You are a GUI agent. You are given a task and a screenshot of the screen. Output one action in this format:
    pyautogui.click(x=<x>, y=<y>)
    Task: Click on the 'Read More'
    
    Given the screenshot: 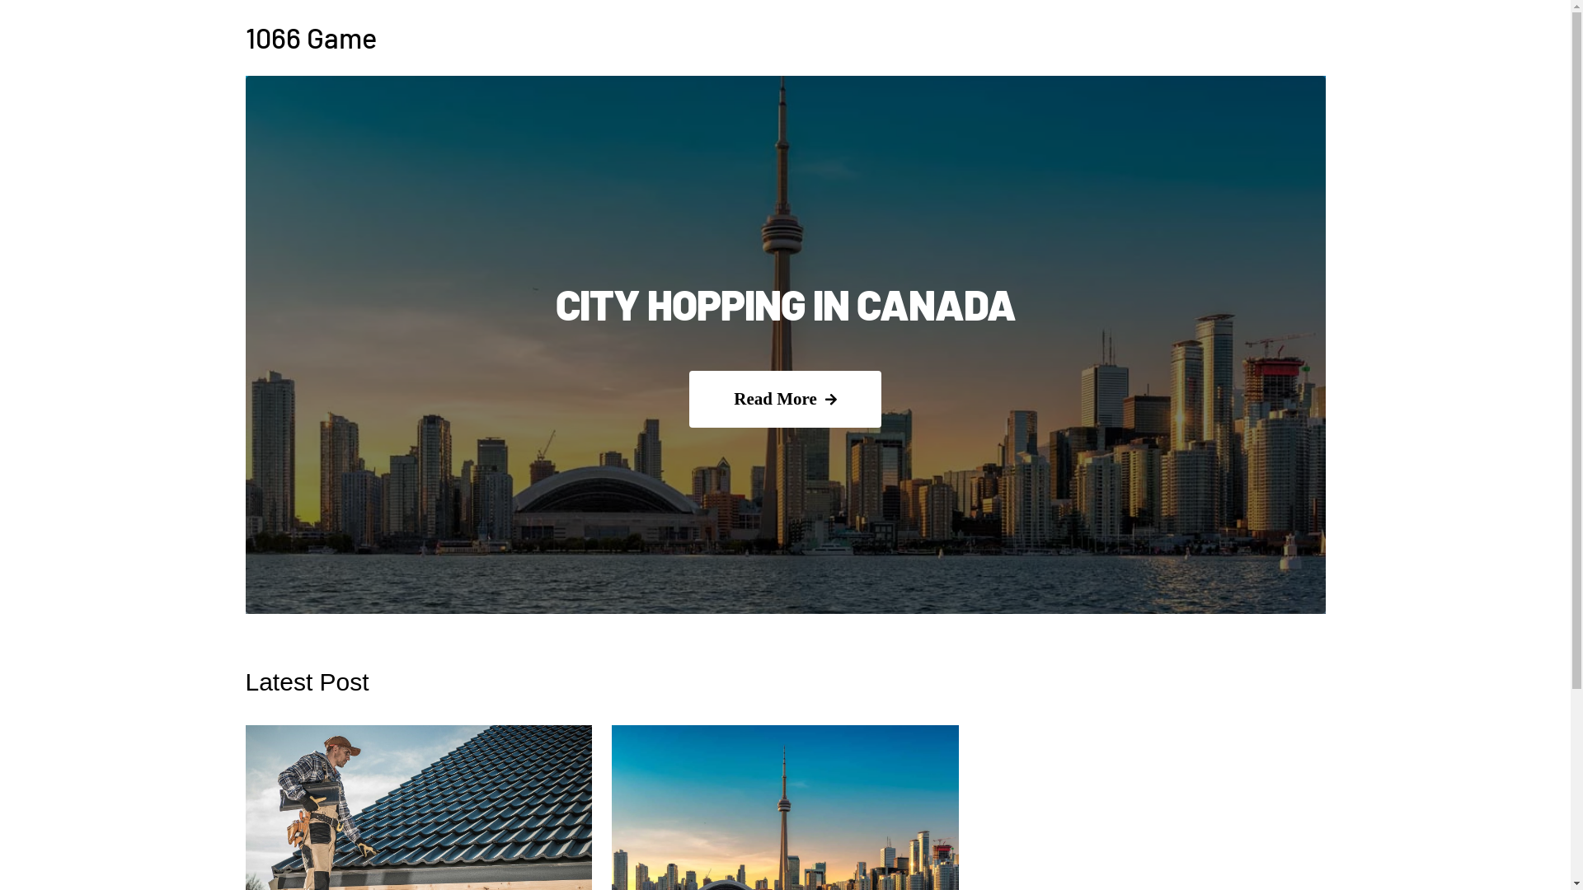 What is the action you would take?
    pyautogui.click(x=784, y=399)
    